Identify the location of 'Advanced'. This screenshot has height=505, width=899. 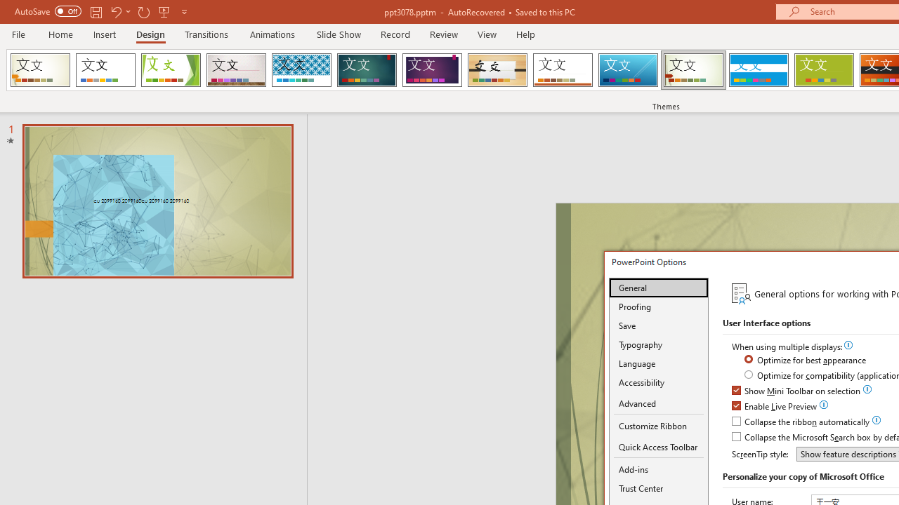
(658, 404).